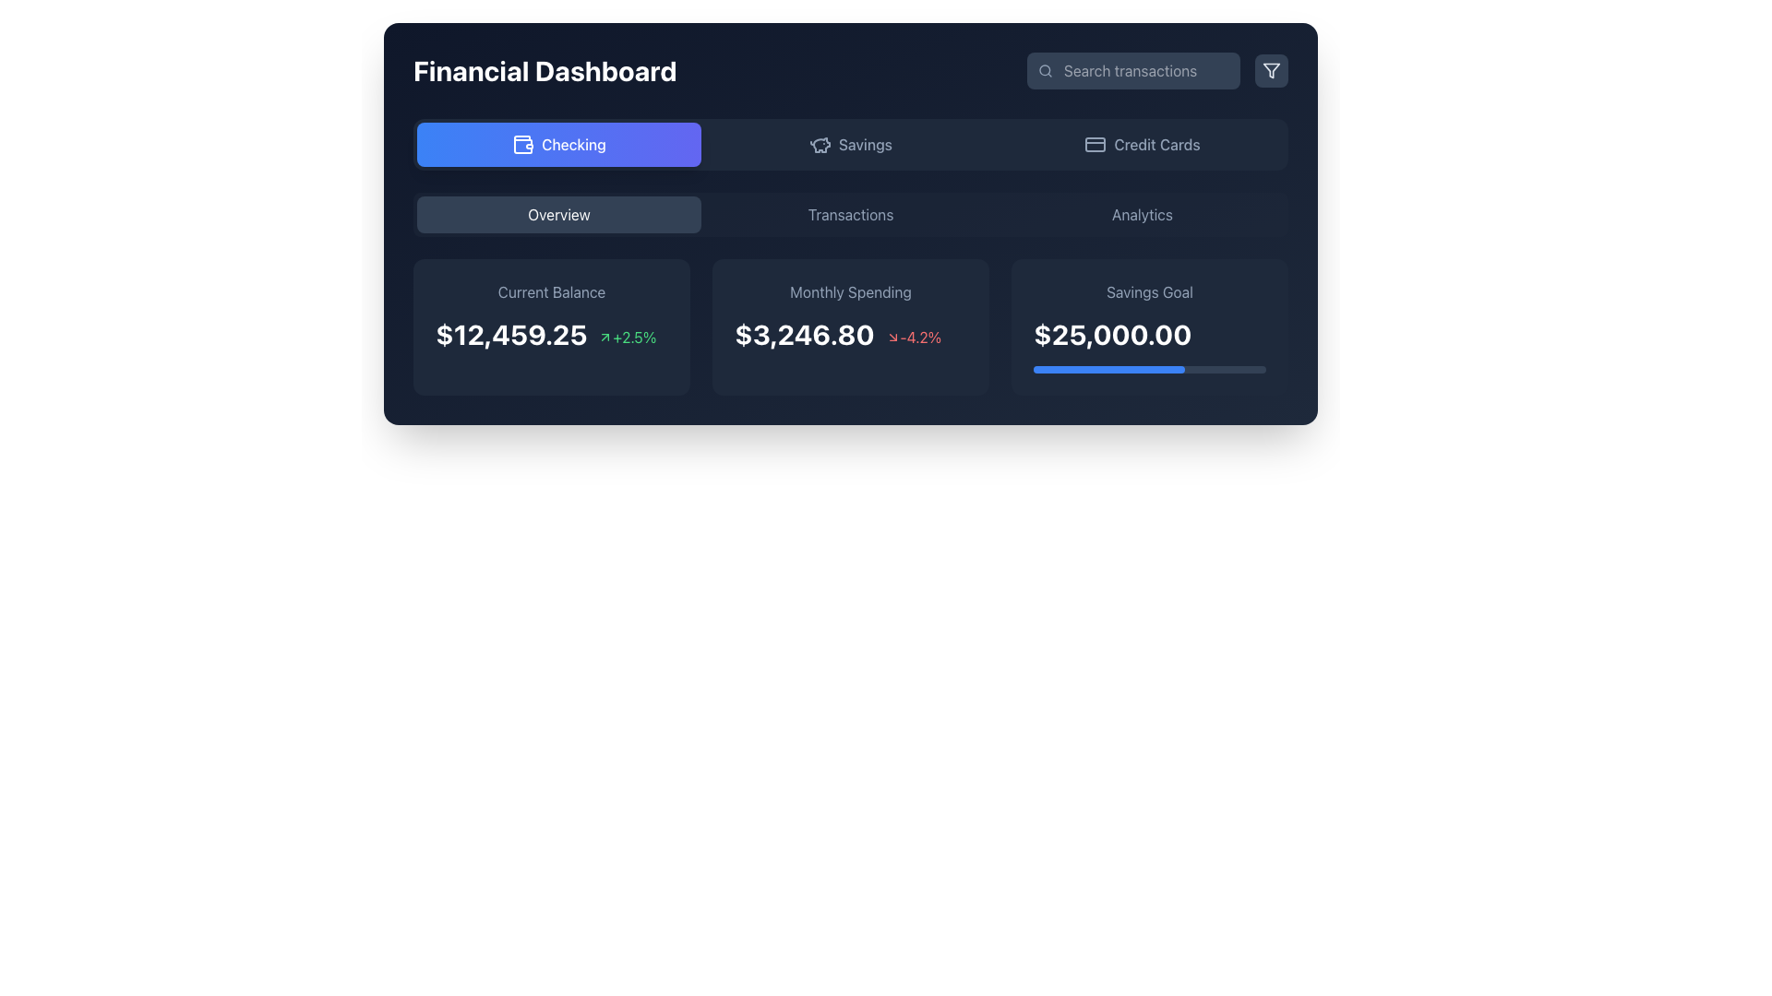 The image size is (1772, 996). Describe the element at coordinates (819, 144) in the screenshot. I see `the gray piggy bank icon located to the left of the 'Savings' text in the top navigation bar` at that location.